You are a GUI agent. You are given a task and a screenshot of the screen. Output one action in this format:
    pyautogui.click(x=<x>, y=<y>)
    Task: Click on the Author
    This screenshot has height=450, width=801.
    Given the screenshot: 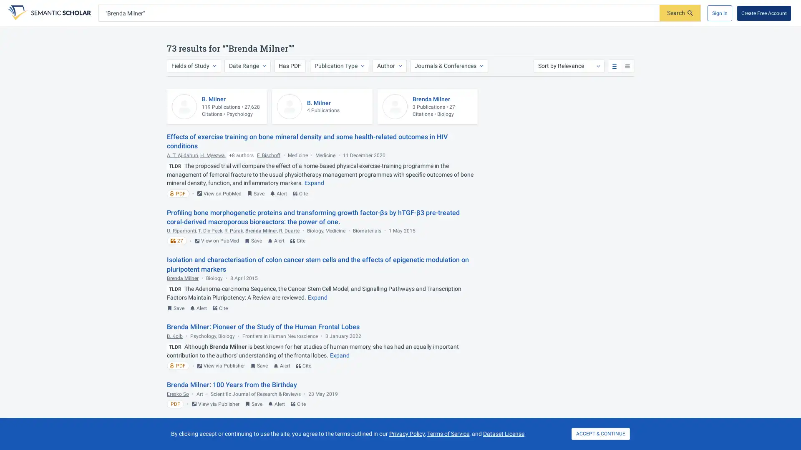 What is the action you would take?
    pyautogui.click(x=388, y=65)
    